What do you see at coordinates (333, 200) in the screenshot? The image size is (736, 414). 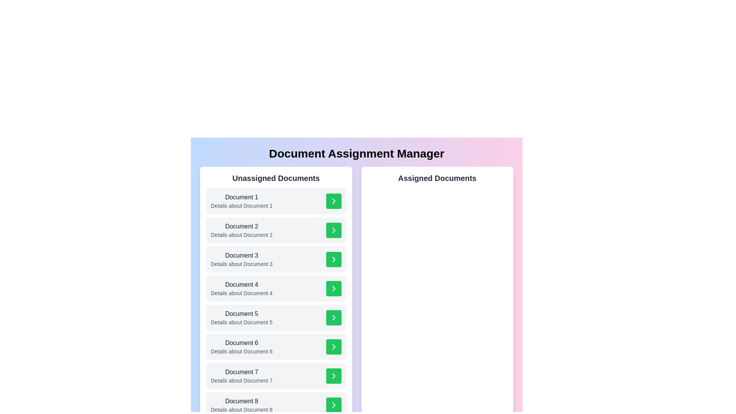 I see `the button located at the far-right side of the entry labeled 'Document 1' in the 'Unassigned Documents' section` at bounding box center [333, 200].